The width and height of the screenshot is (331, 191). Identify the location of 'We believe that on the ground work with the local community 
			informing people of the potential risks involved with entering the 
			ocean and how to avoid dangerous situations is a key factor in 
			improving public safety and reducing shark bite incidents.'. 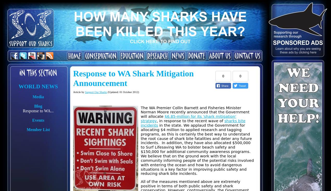
(197, 164).